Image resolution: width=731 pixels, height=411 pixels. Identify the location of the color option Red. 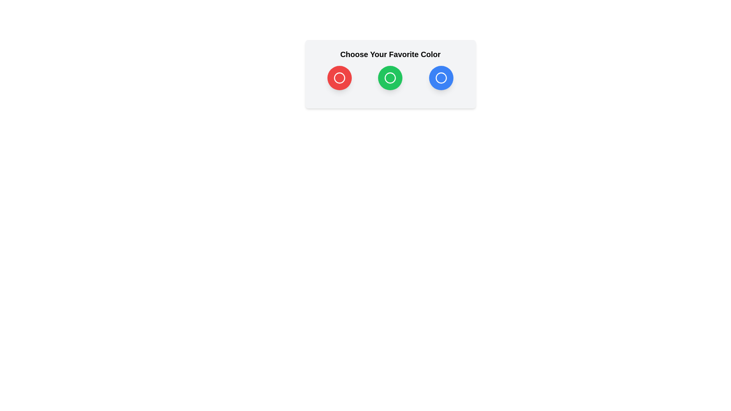
(339, 78).